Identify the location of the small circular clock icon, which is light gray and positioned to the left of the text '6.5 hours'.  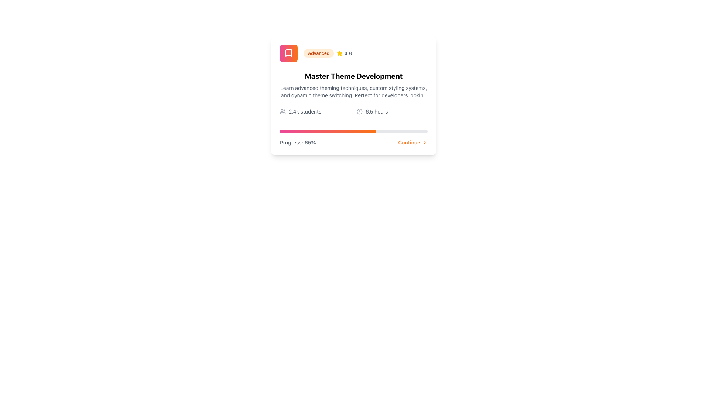
(360, 112).